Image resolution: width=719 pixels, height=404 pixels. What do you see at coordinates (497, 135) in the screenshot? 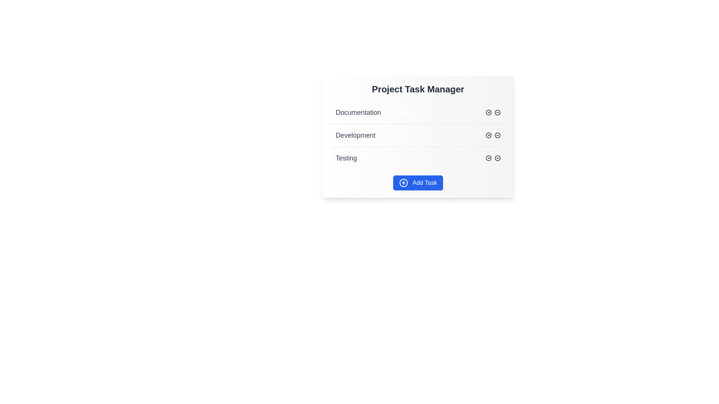
I see `the circular minus icon located next to the 'Development' task in the project task manager` at bounding box center [497, 135].